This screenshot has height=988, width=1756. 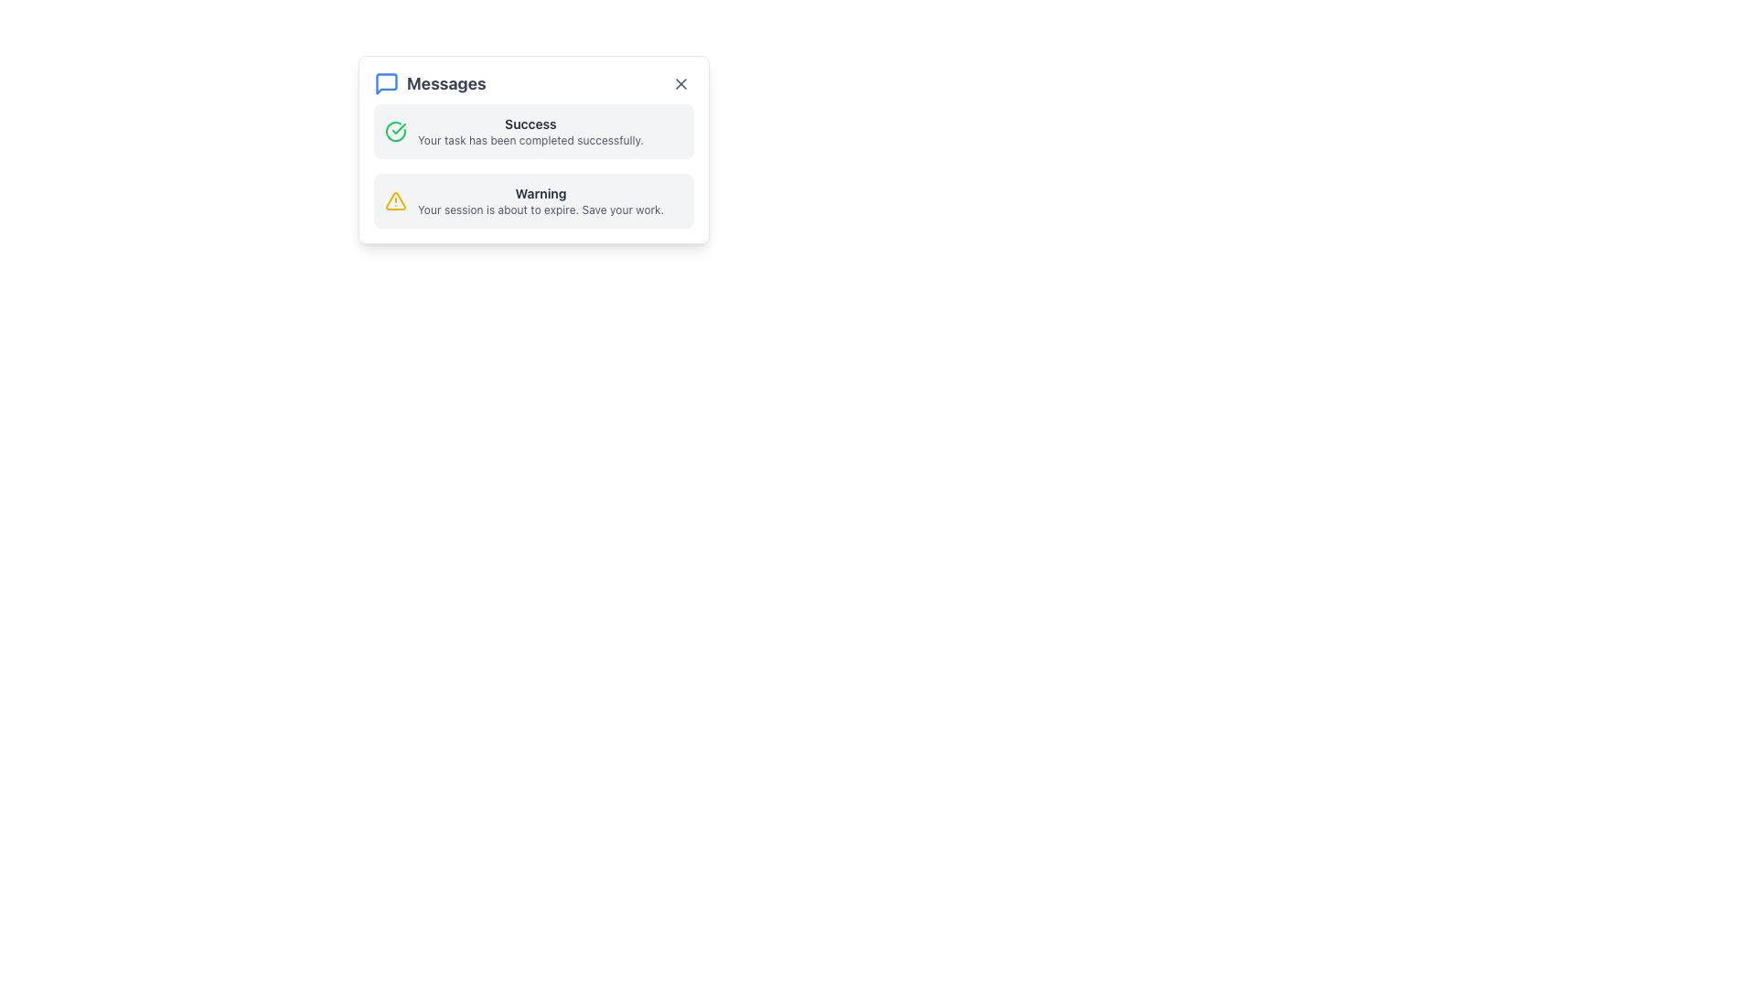 What do you see at coordinates (680, 84) in the screenshot?
I see `the Close button icon (cross) located in the top-right corner of the 'Messages' notification card` at bounding box center [680, 84].